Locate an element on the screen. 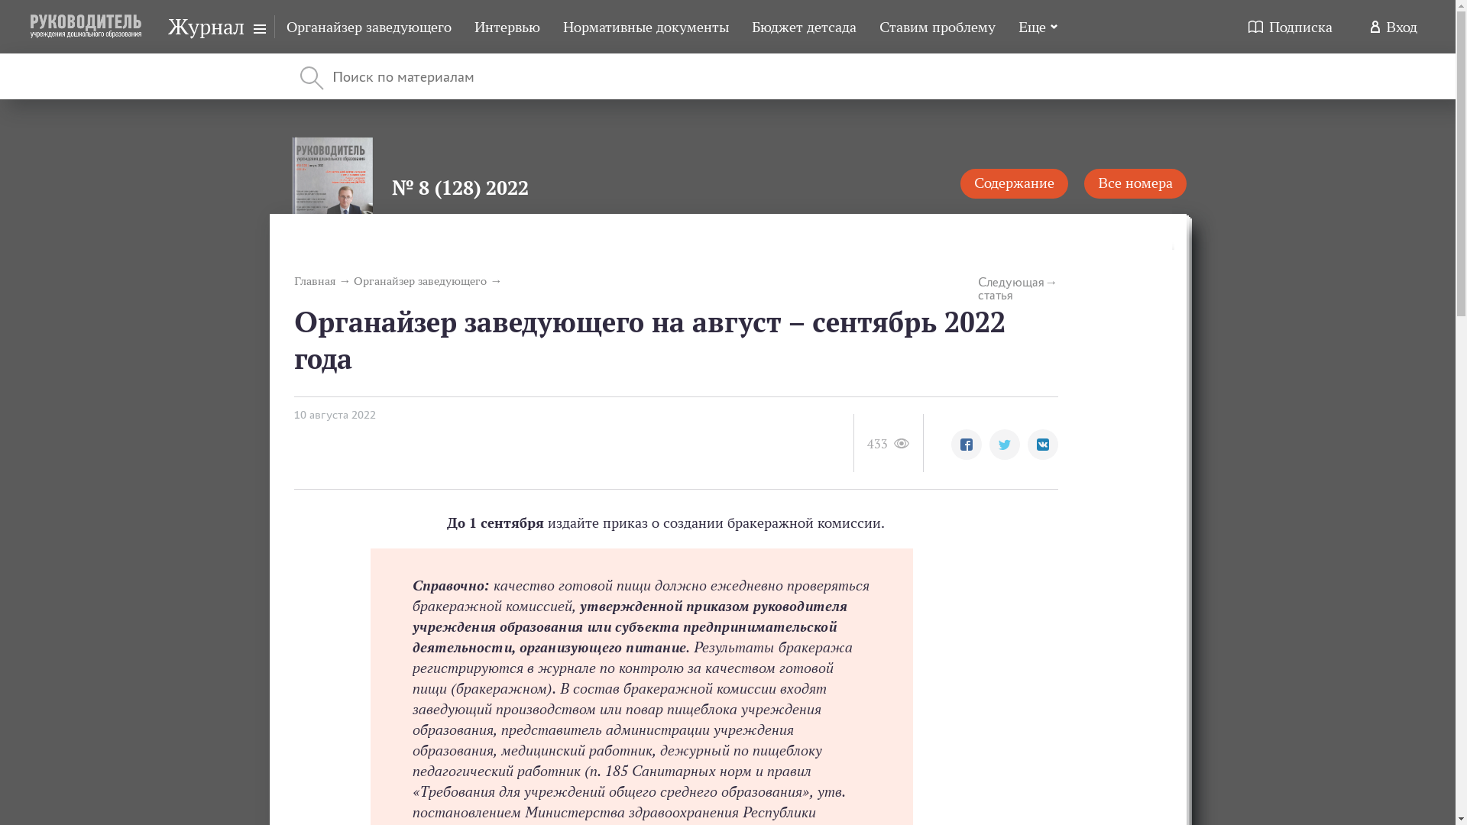 The image size is (1467, 825). 'Share link on Twitter' is located at coordinates (989, 445).